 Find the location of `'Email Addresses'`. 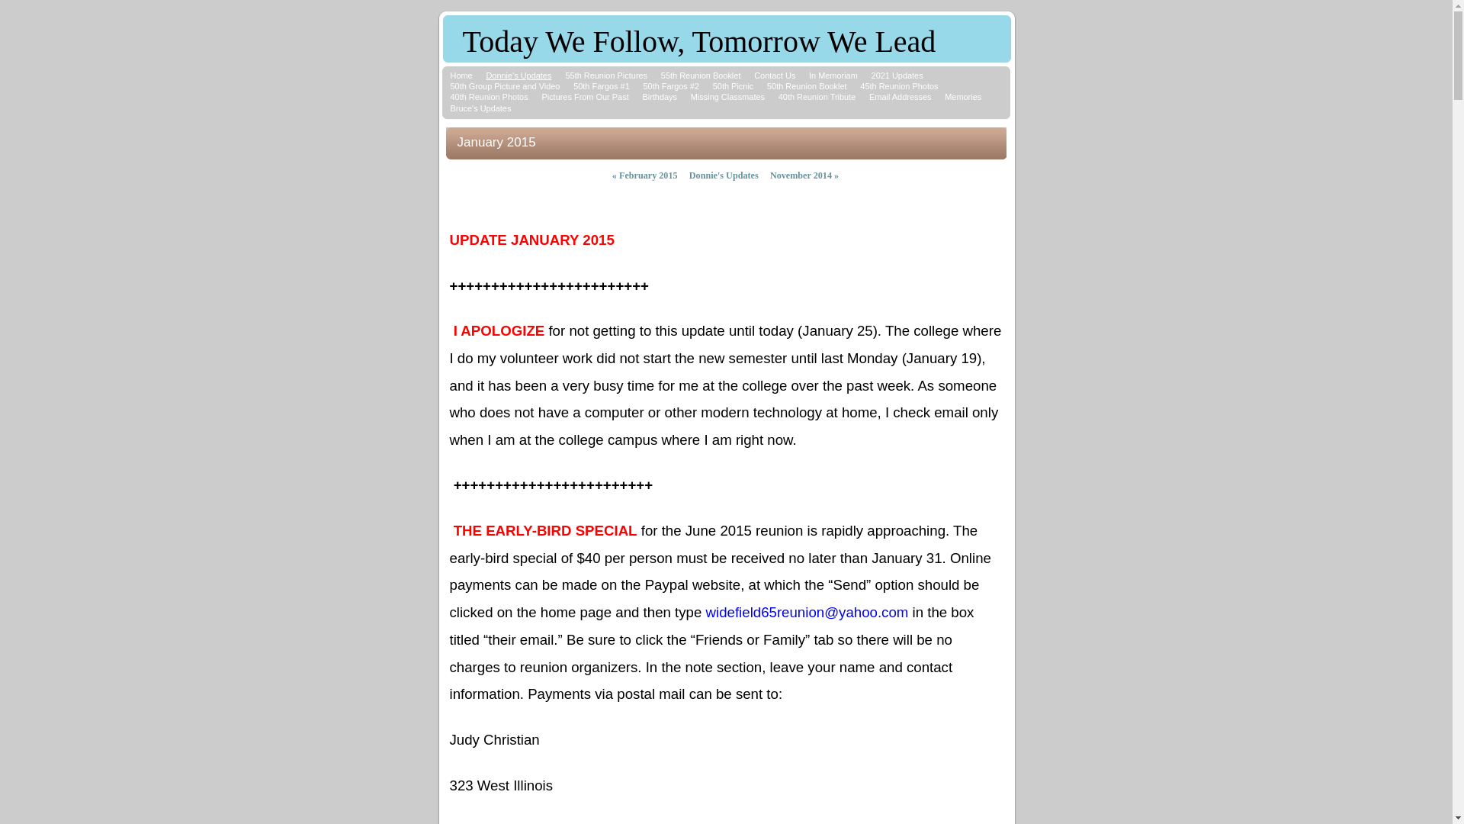

'Email Addresses' is located at coordinates (900, 97).